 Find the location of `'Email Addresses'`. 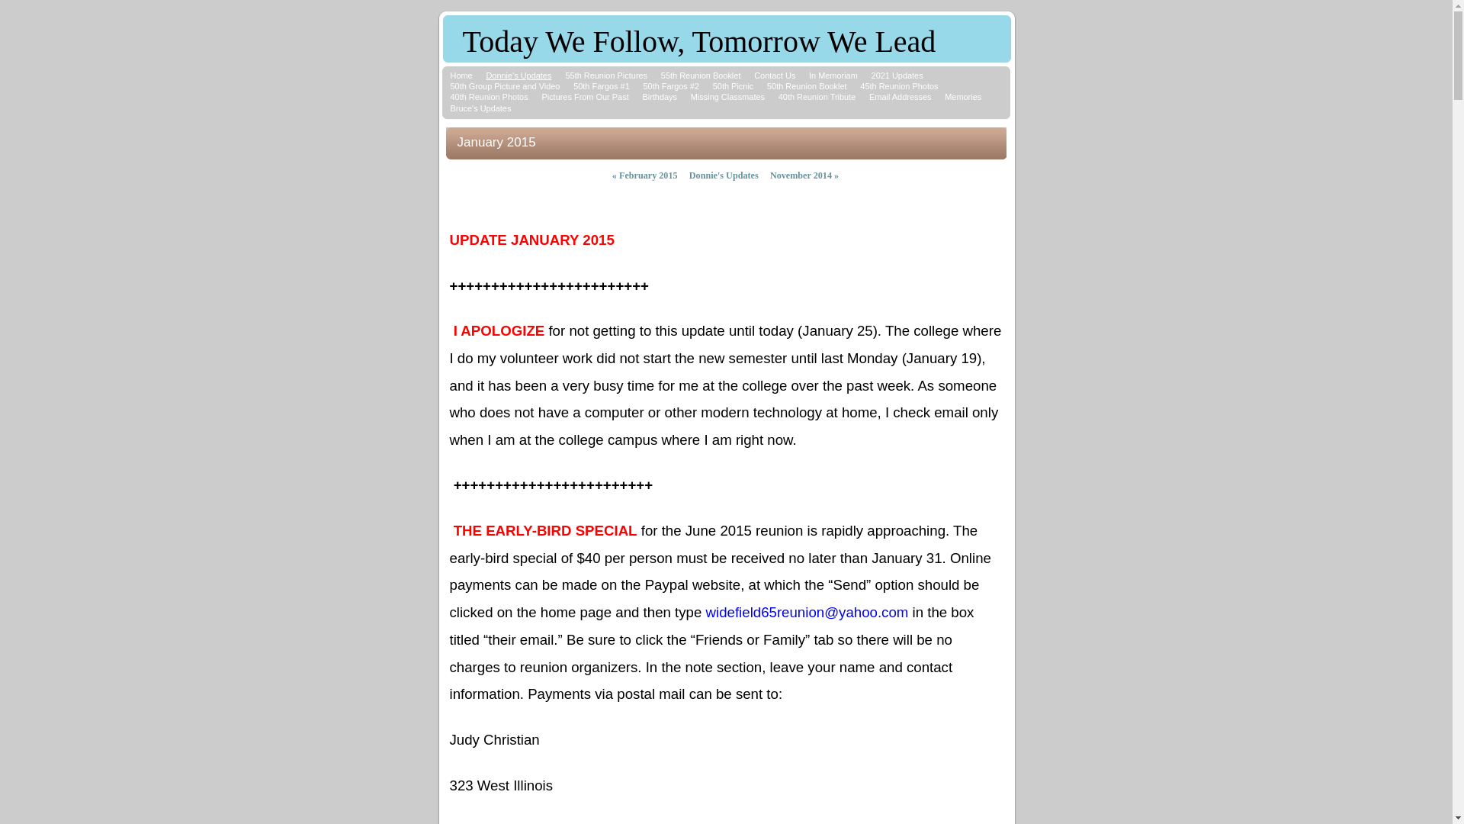

'Email Addresses' is located at coordinates (900, 97).